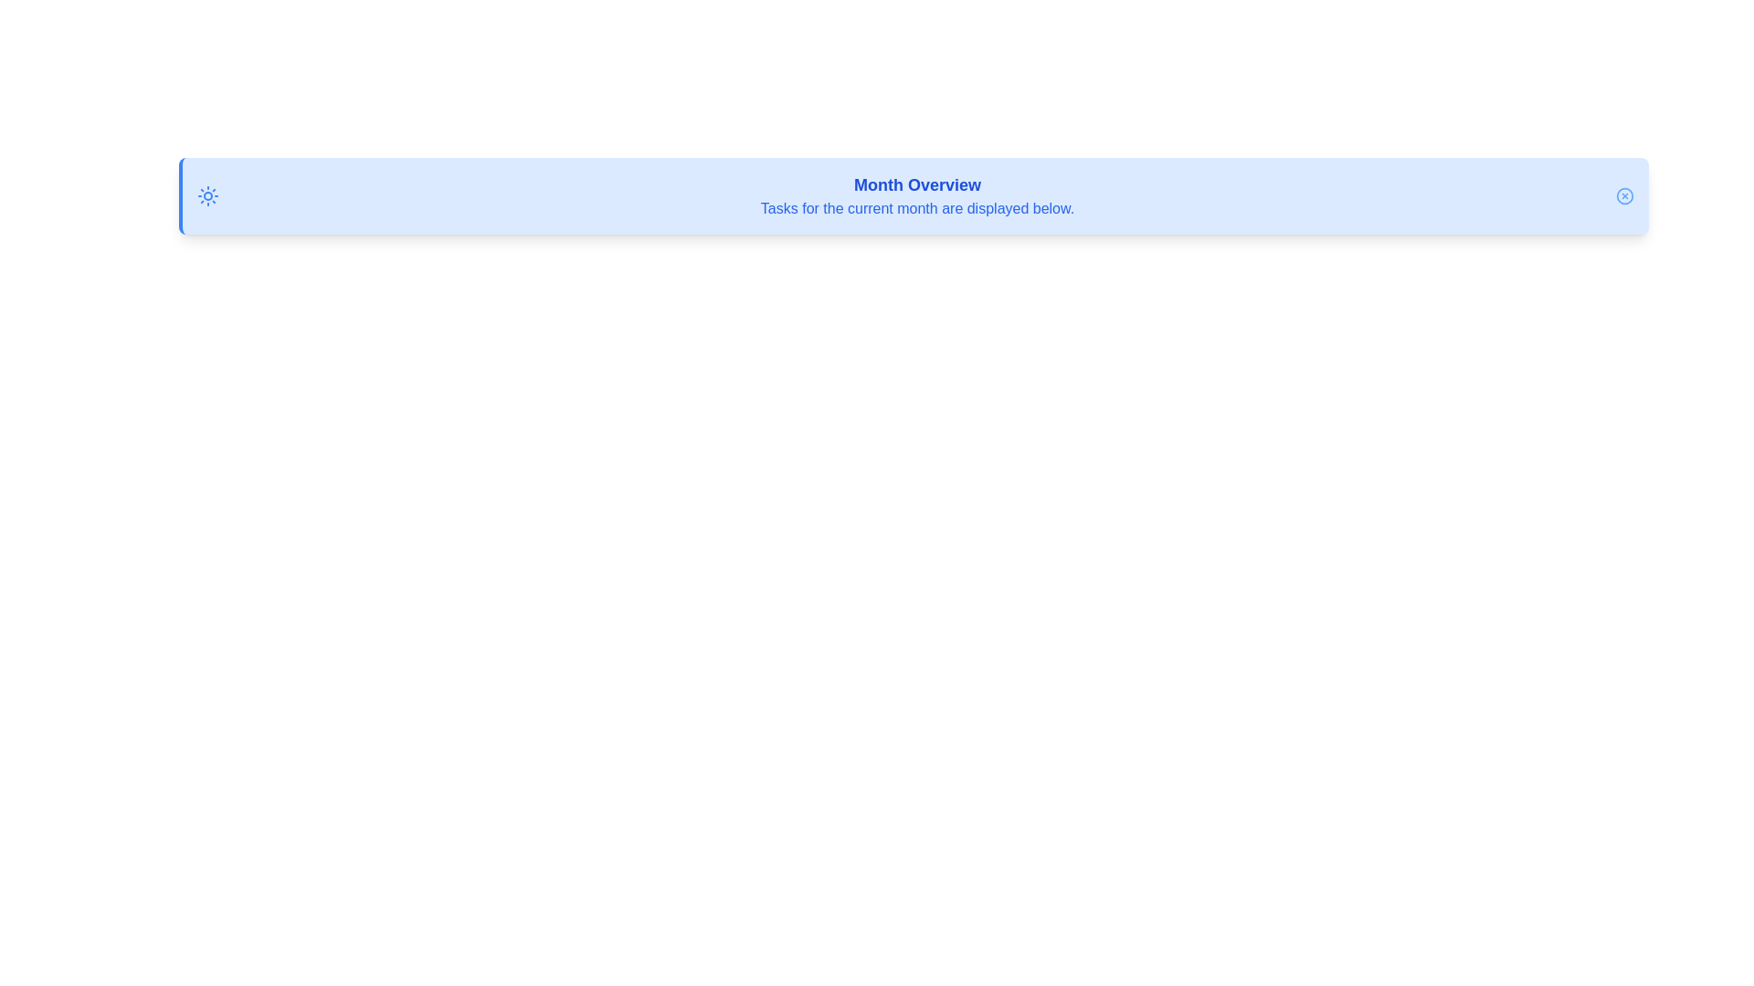 This screenshot has width=1754, height=986. I want to click on the alert title text and copy it to the clipboard, so click(232, 173).